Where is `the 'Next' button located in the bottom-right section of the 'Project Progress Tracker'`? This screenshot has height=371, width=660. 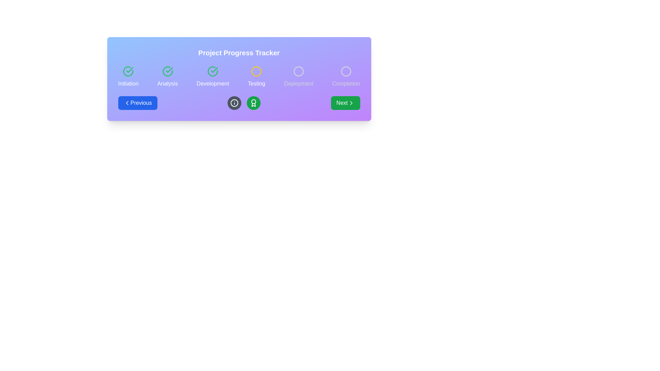
the 'Next' button located in the bottom-right section of the 'Project Progress Tracker' is located at coordinates (345, 103).